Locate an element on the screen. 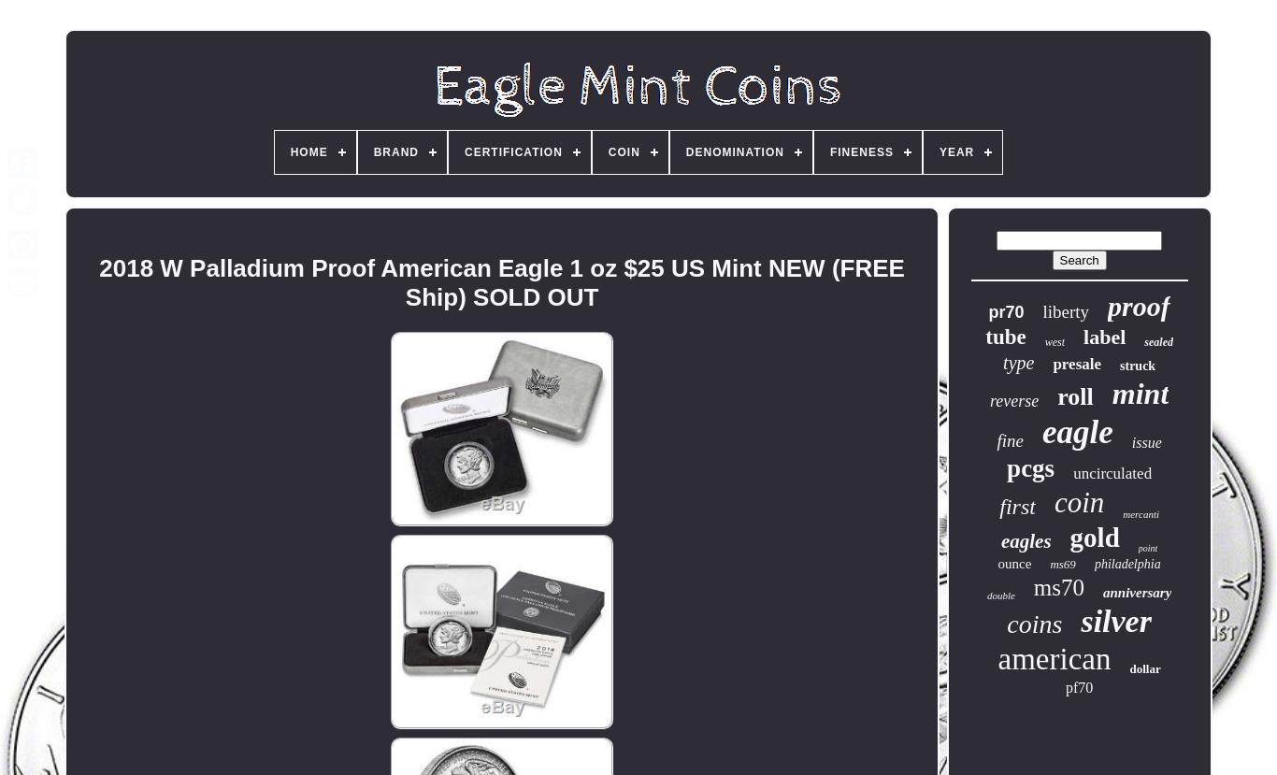 This screenshot has width=1277, height=775. 'double' is located at coordinates (984, 596).